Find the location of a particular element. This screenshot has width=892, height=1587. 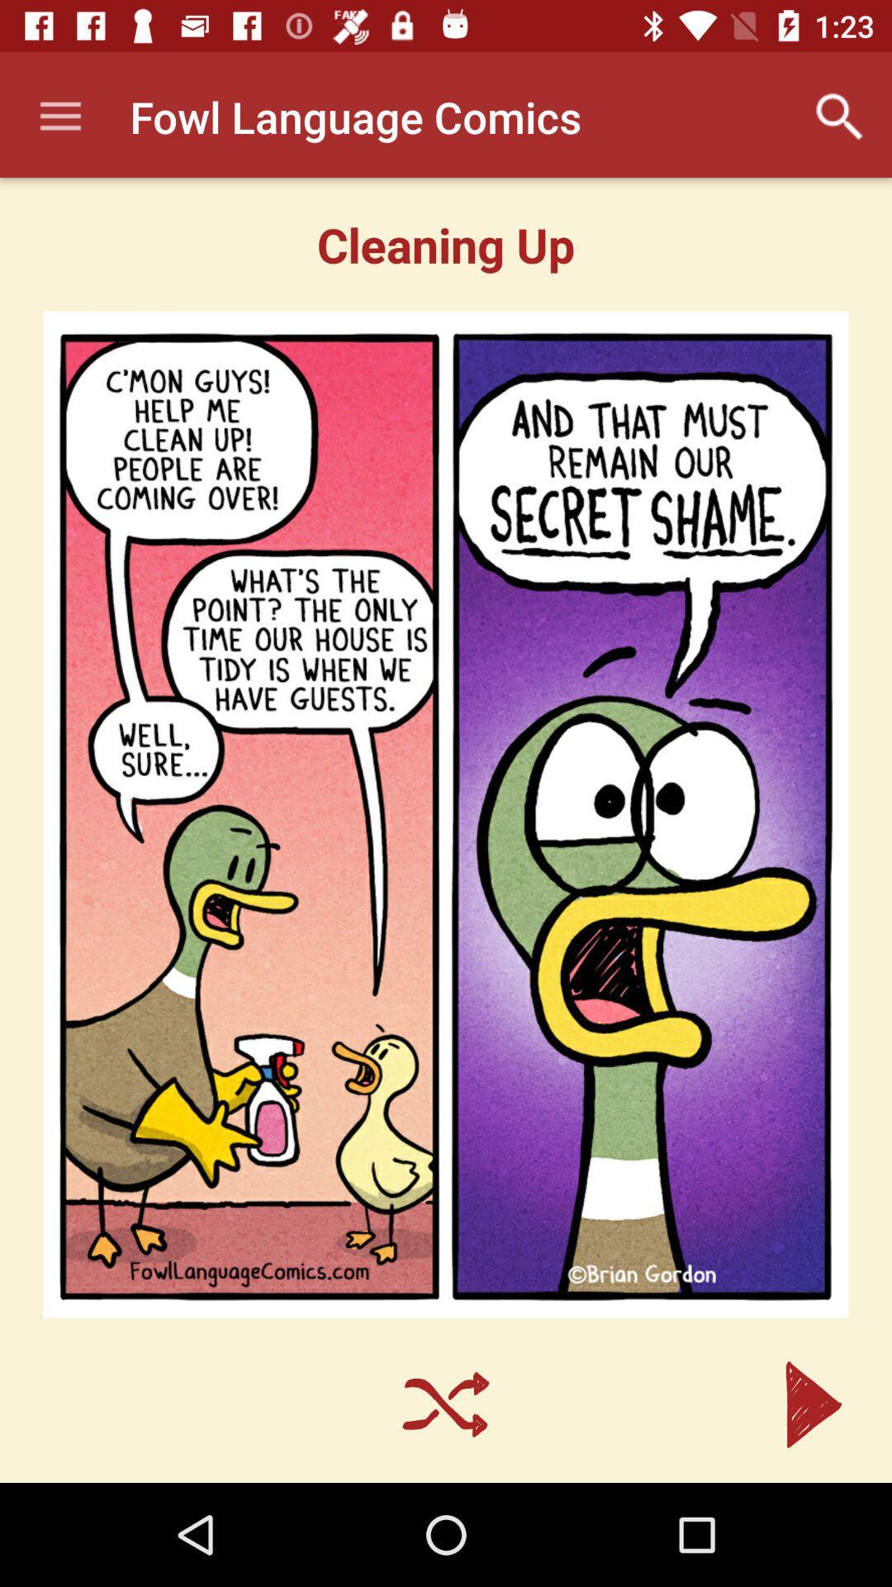

the close icon is located at coordinates (446, 1404).